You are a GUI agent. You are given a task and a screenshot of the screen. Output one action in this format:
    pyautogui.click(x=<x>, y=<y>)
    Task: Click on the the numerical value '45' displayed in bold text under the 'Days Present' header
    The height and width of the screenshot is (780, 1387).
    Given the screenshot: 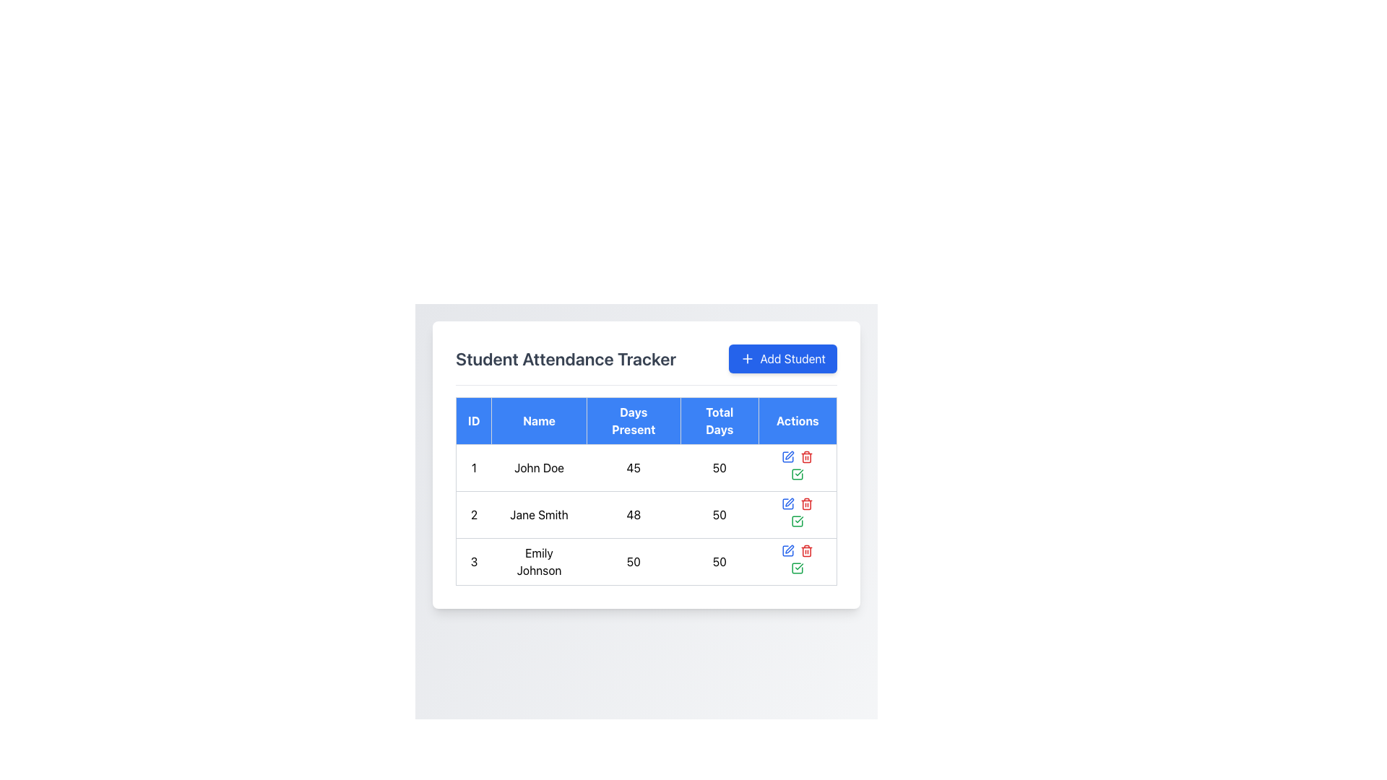 What is the action you would take?
    pyautogui.click(x=634, y=468)
    